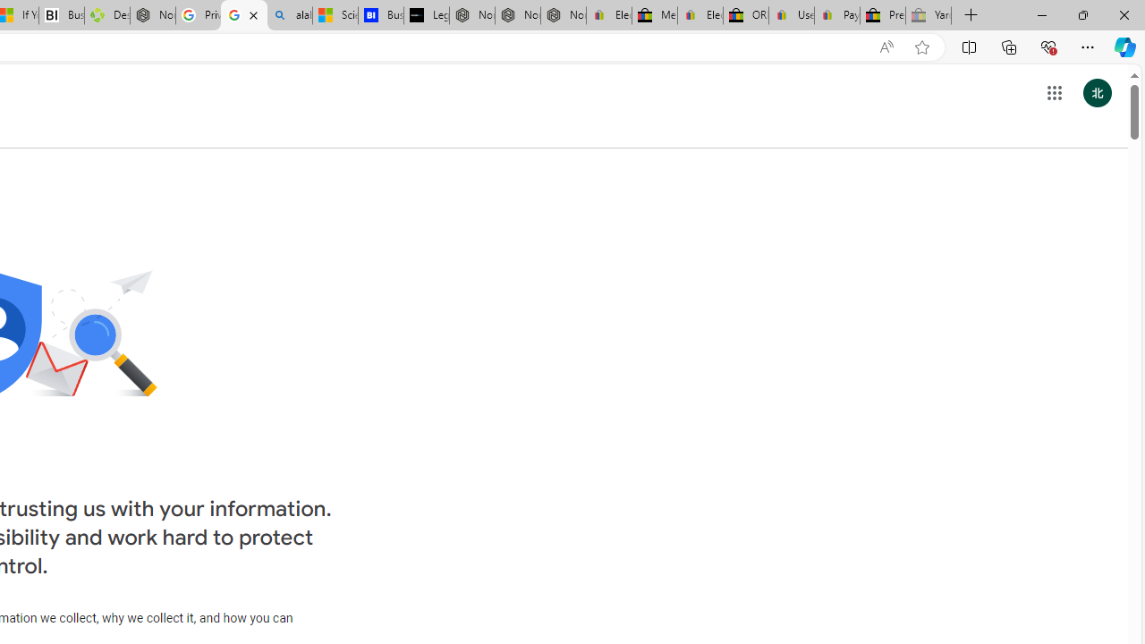 The height and width of the screenshot is (644, 1145). What do you see at coordinates (1054, 93) in the screenshot?
I see `'Google apps'` at bounding box center [1054, 93].